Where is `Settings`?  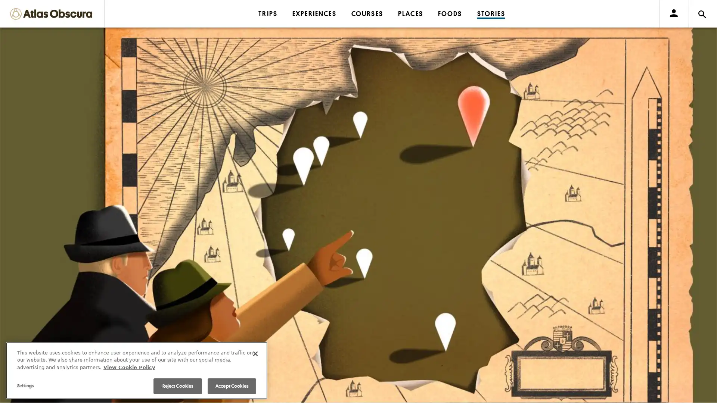
Settings is located at coordinates (49, 385).